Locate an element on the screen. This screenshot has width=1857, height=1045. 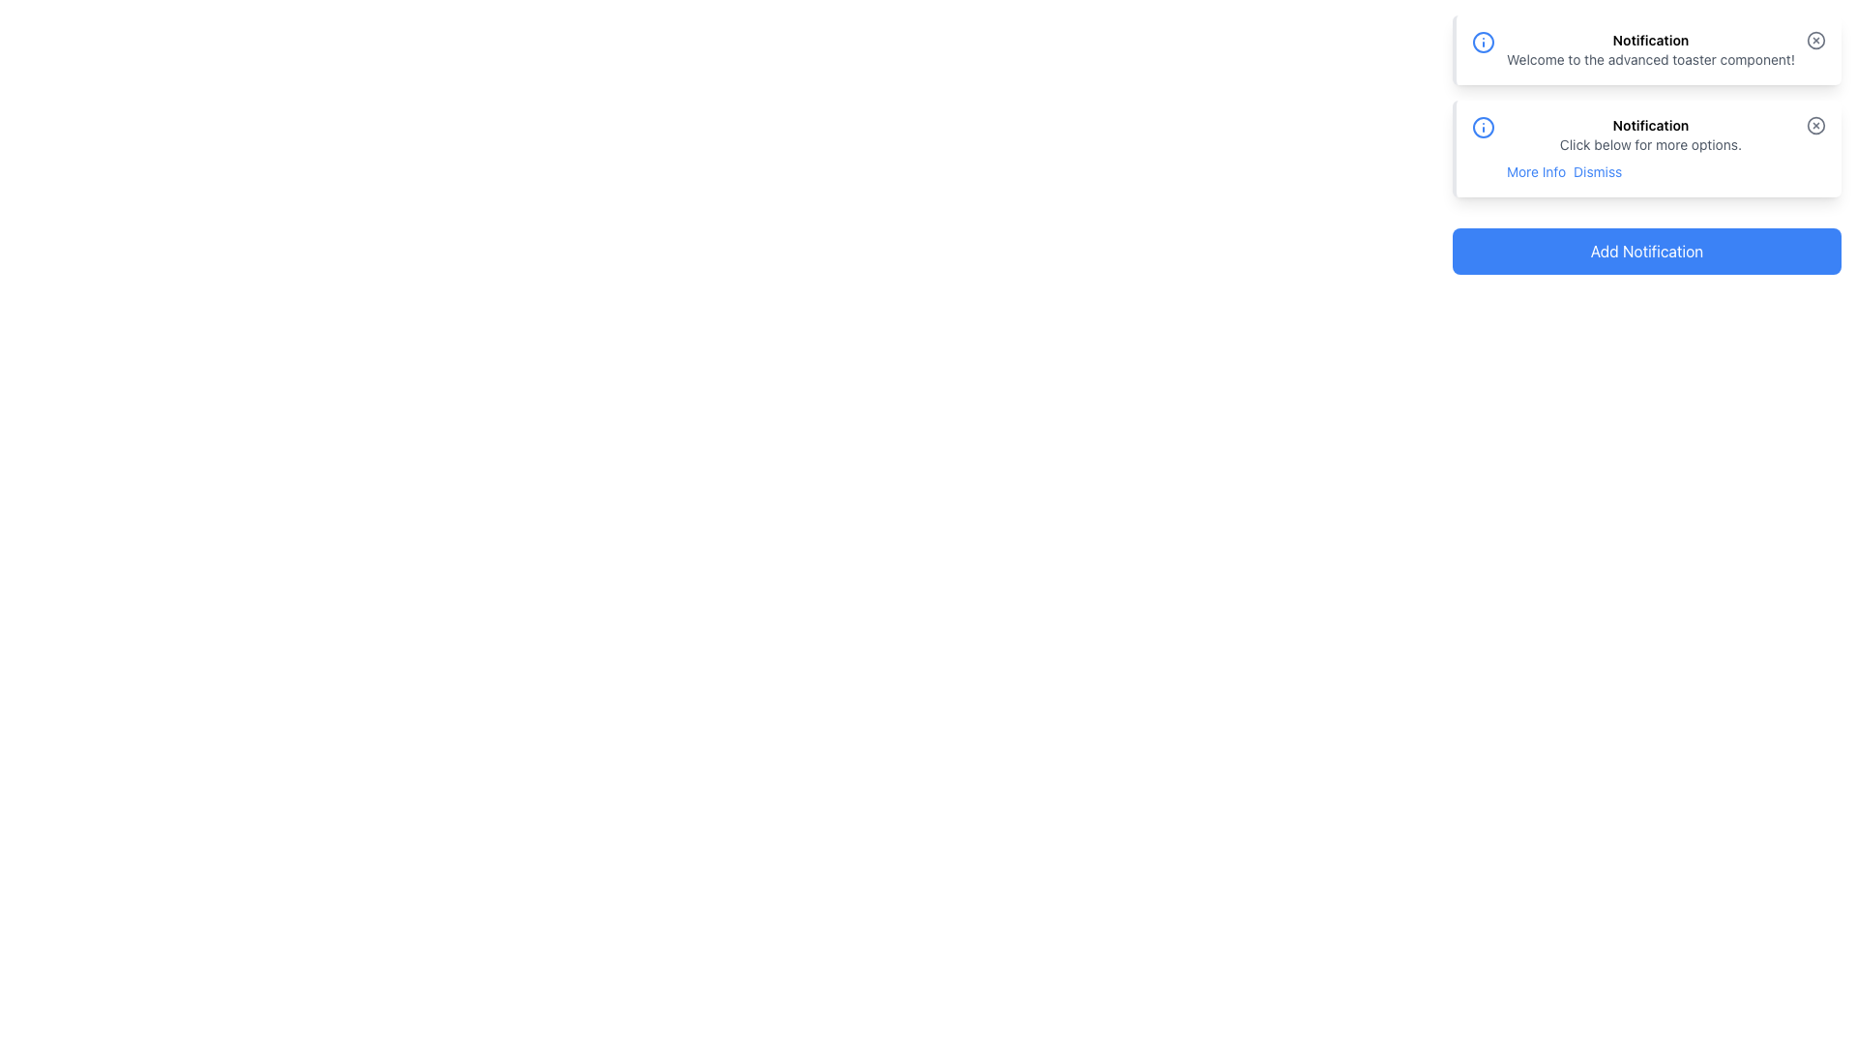
the hyperlink styled as clickable text on the right side of the second notification box is located at coordinates (1598, 170).